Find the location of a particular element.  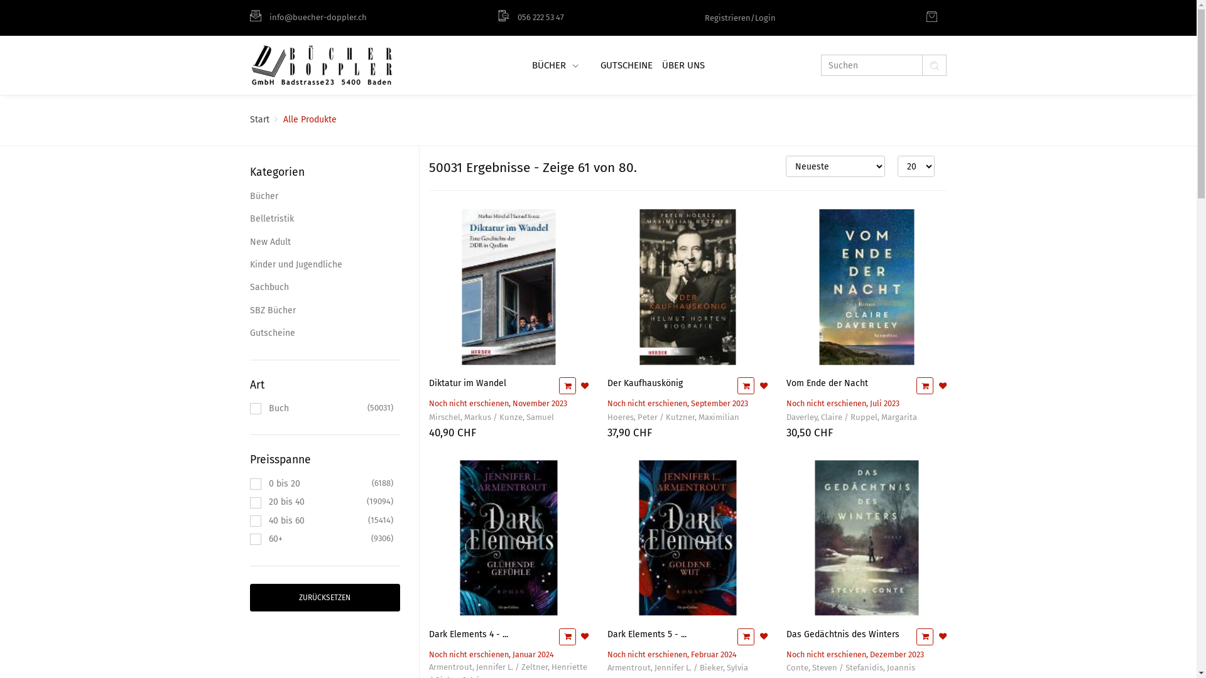

'Daverley, Claire / Ruppel, Margarita' is located at coordinates (852, 417).